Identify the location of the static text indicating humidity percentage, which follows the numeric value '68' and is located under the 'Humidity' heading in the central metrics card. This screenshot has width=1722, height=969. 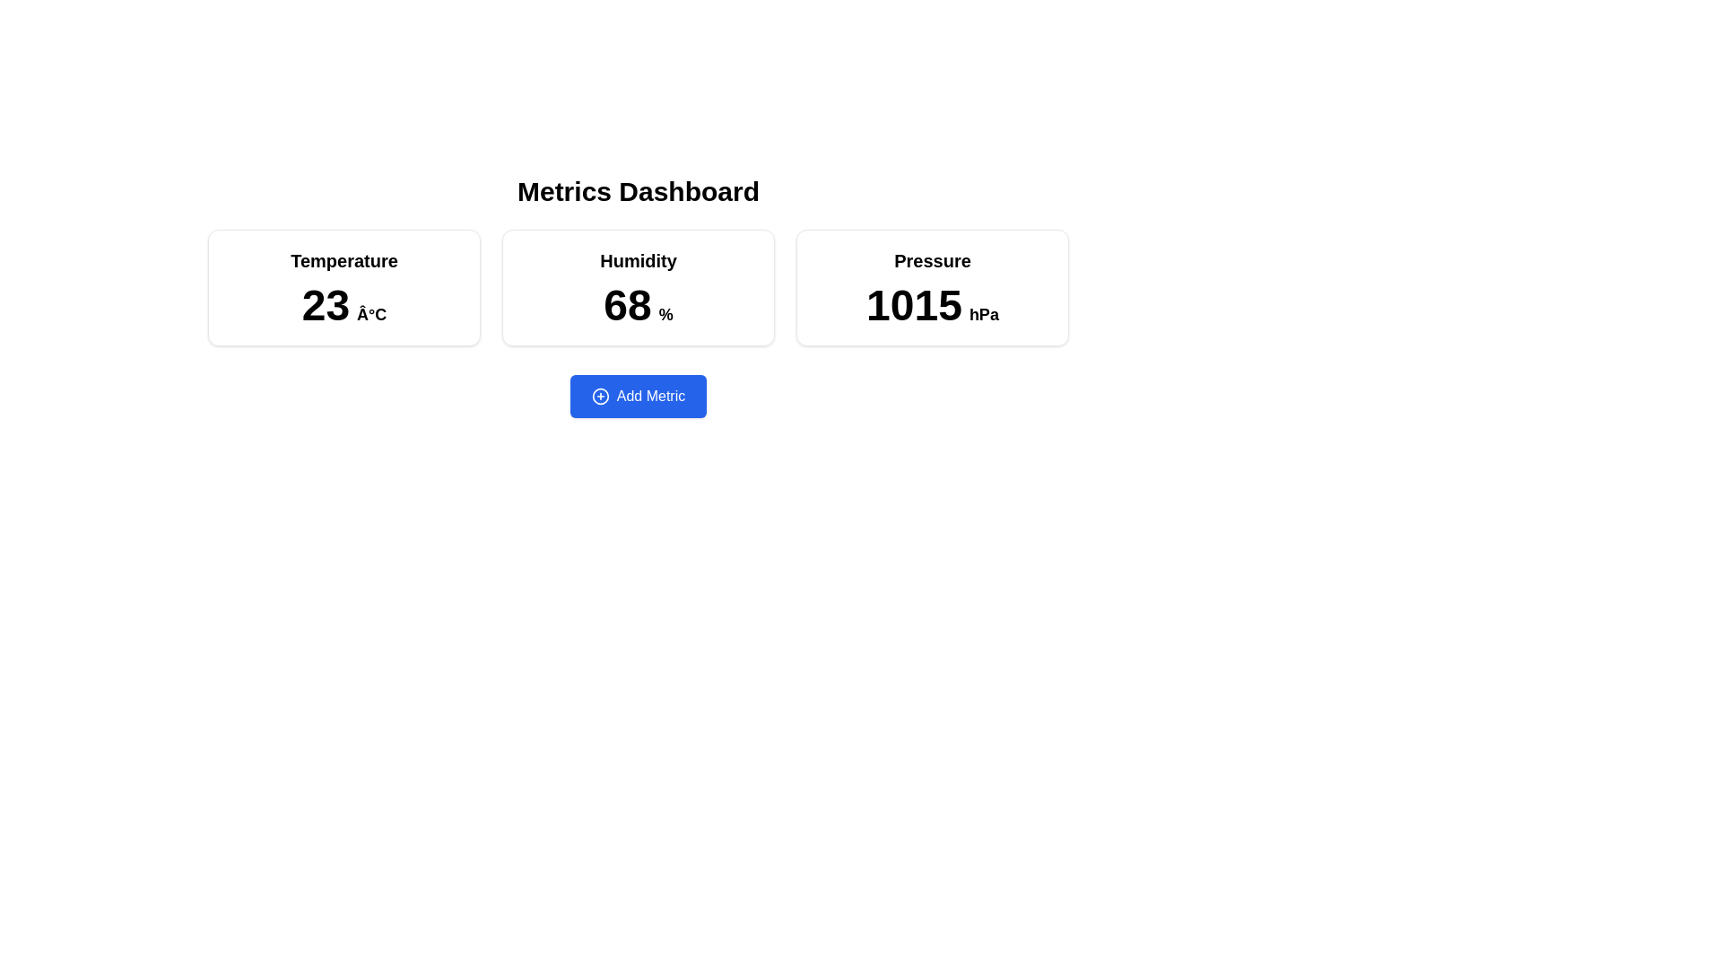
(665, 314).